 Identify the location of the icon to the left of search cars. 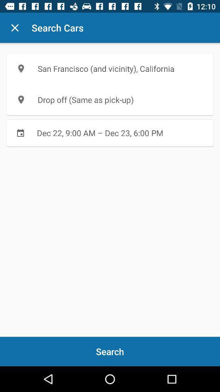
(15, 28).